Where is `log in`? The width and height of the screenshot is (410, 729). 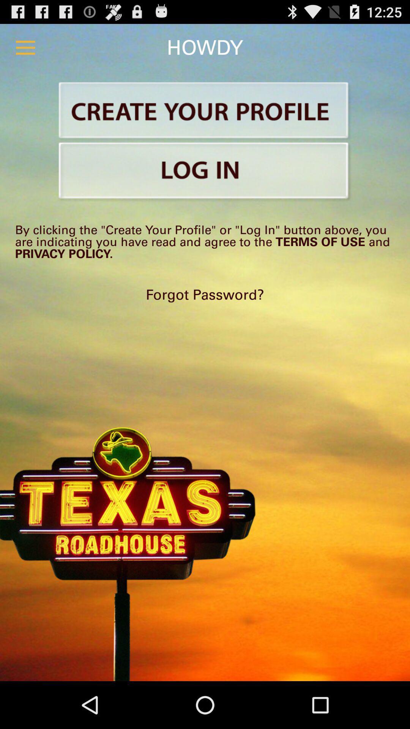 log in is located at coordinates (205, 172).